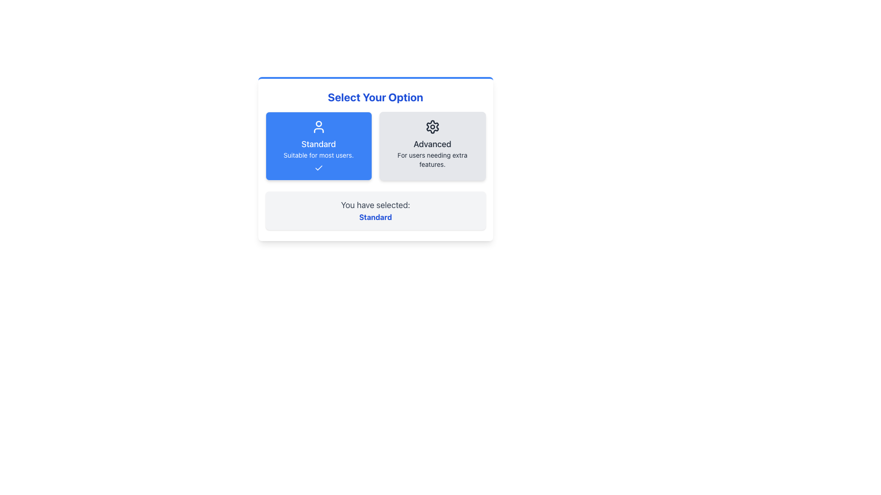 The height and width of the screenshot is (495, 881). I want to click on the text label displaying 'Advanced' in bold, medium font located within the right card of a two-card layout, positioned below a gear icon and above the descriptive text 'For users needing extra features.', so click(432, 144).